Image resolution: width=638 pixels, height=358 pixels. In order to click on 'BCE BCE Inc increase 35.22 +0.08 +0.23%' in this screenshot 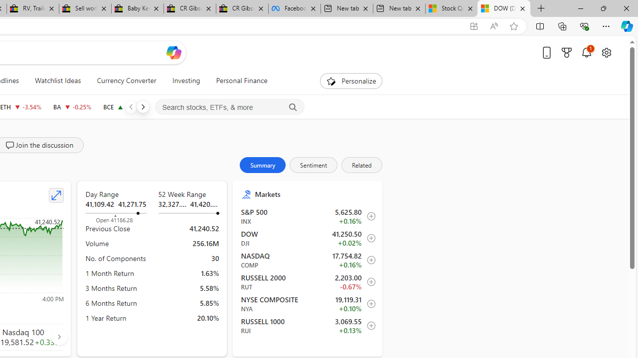, I will do `click(124, 106)`.